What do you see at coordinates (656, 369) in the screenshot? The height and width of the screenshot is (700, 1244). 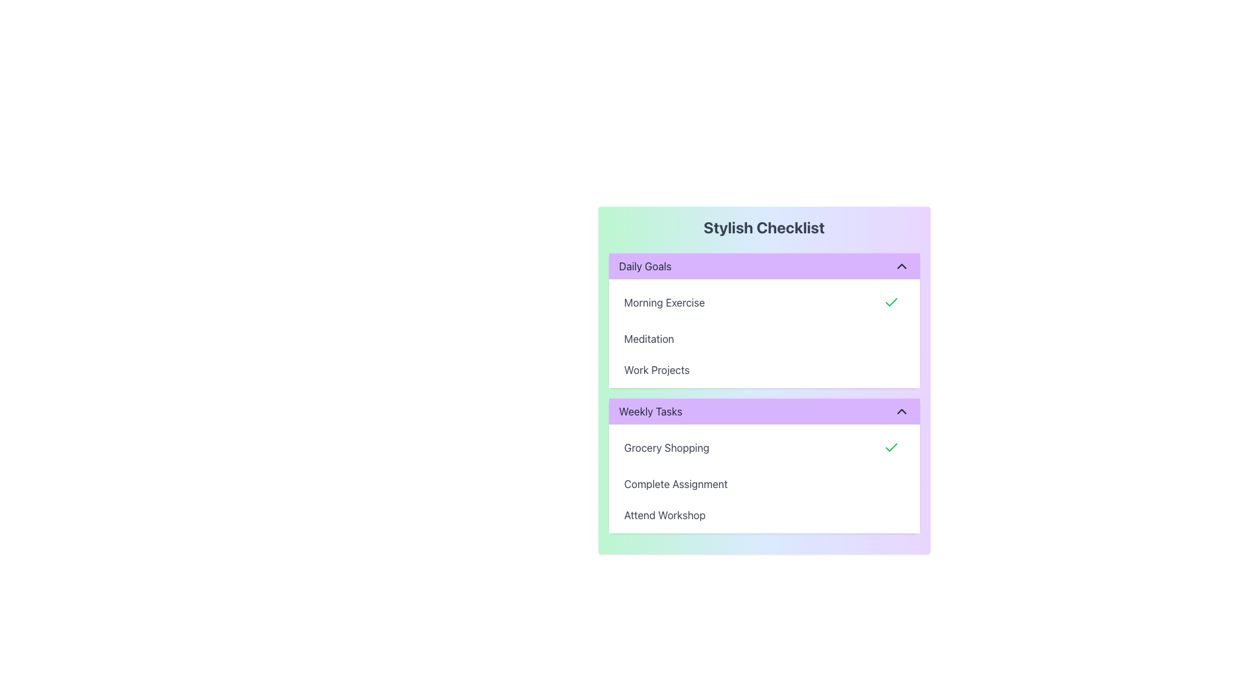 I see `the text label 'Work Projects' located under the 'Daily Goals' section, which is styled in dark gray and is the third item in the checklist` at bounding box center [656, 369].